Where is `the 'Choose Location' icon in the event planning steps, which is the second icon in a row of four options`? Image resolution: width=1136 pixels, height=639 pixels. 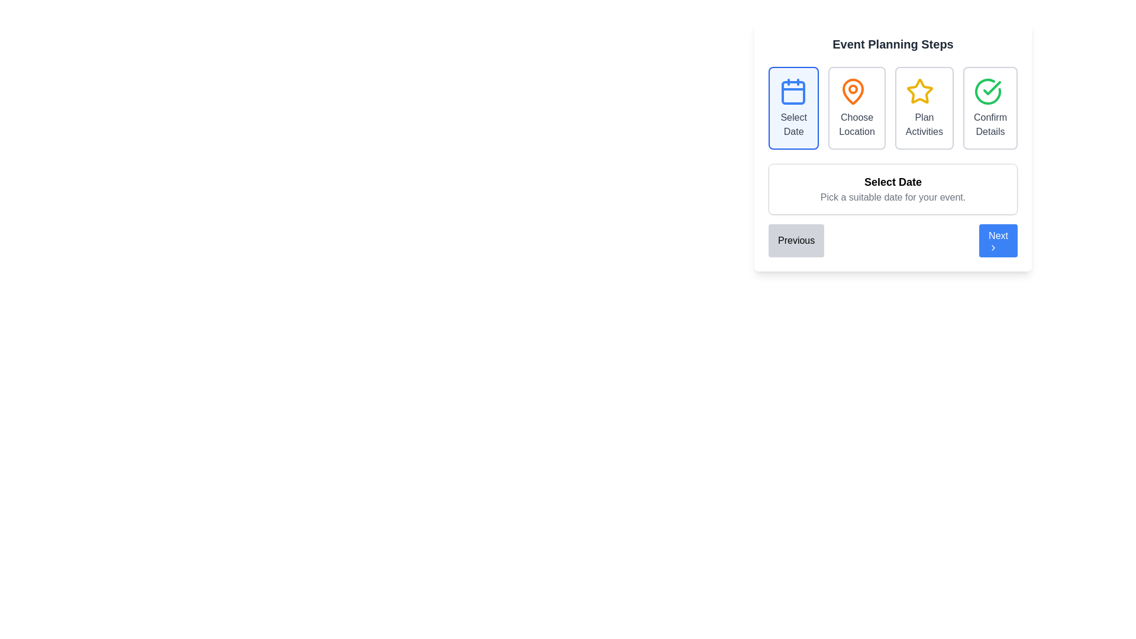 the 'Choose Location' icon in the event planning steps, which is the second icon in a row of four options is located at coordinates (853, 91).